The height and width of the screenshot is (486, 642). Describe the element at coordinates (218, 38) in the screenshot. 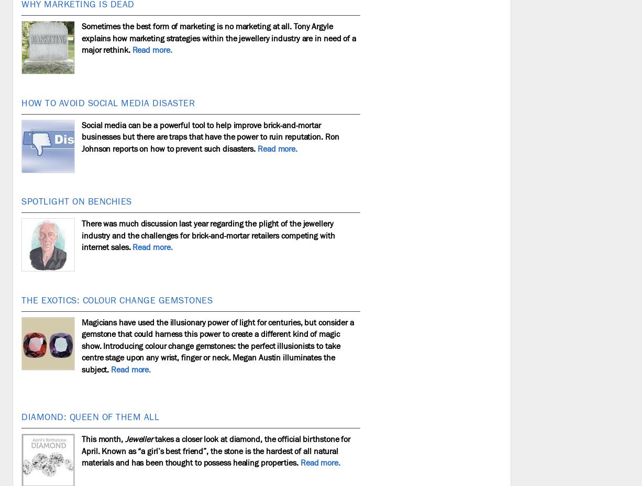

I see `'Sometimes the best form of marketing is no marketing at all. Tony Argyle
 explains how marketing strategies within the jewellery industry are in 
need of a major rethink.'` at that location.